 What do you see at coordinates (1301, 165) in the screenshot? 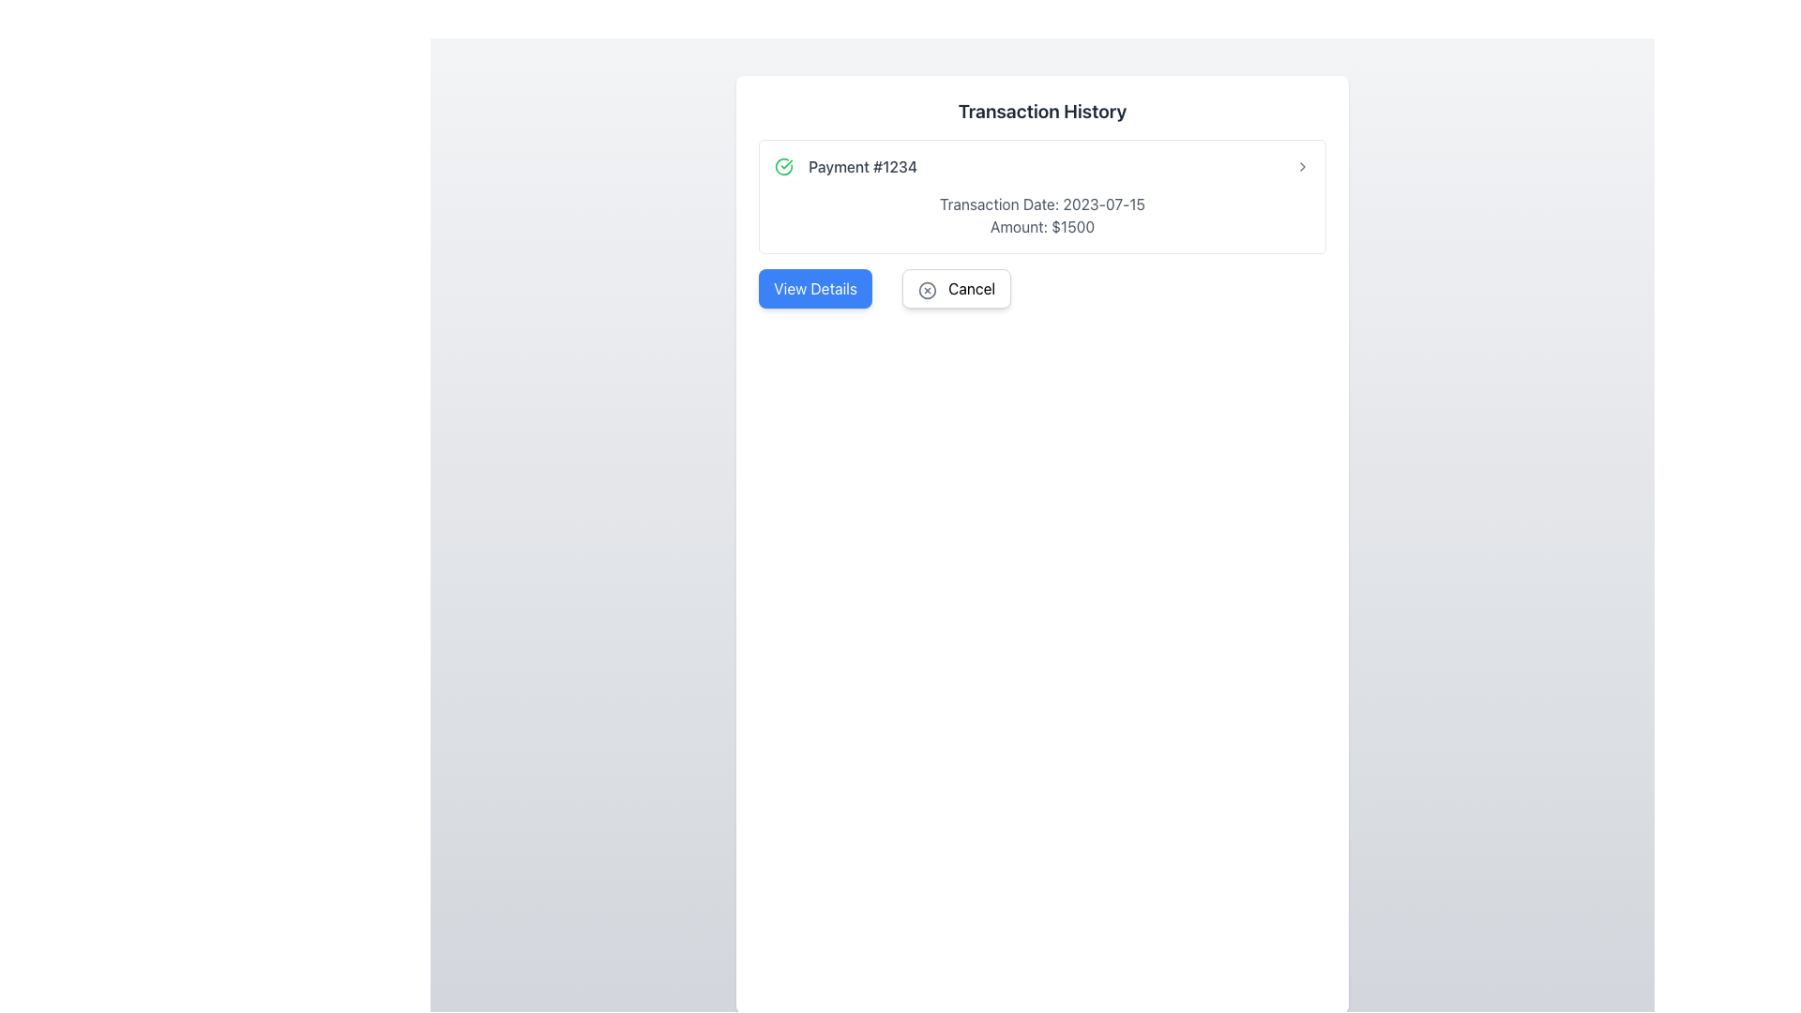
I see `the rightward-facing chevron icon used for navigation, located at the far right of the 'Payment #1234' section` at bounding box center [1301, 165].